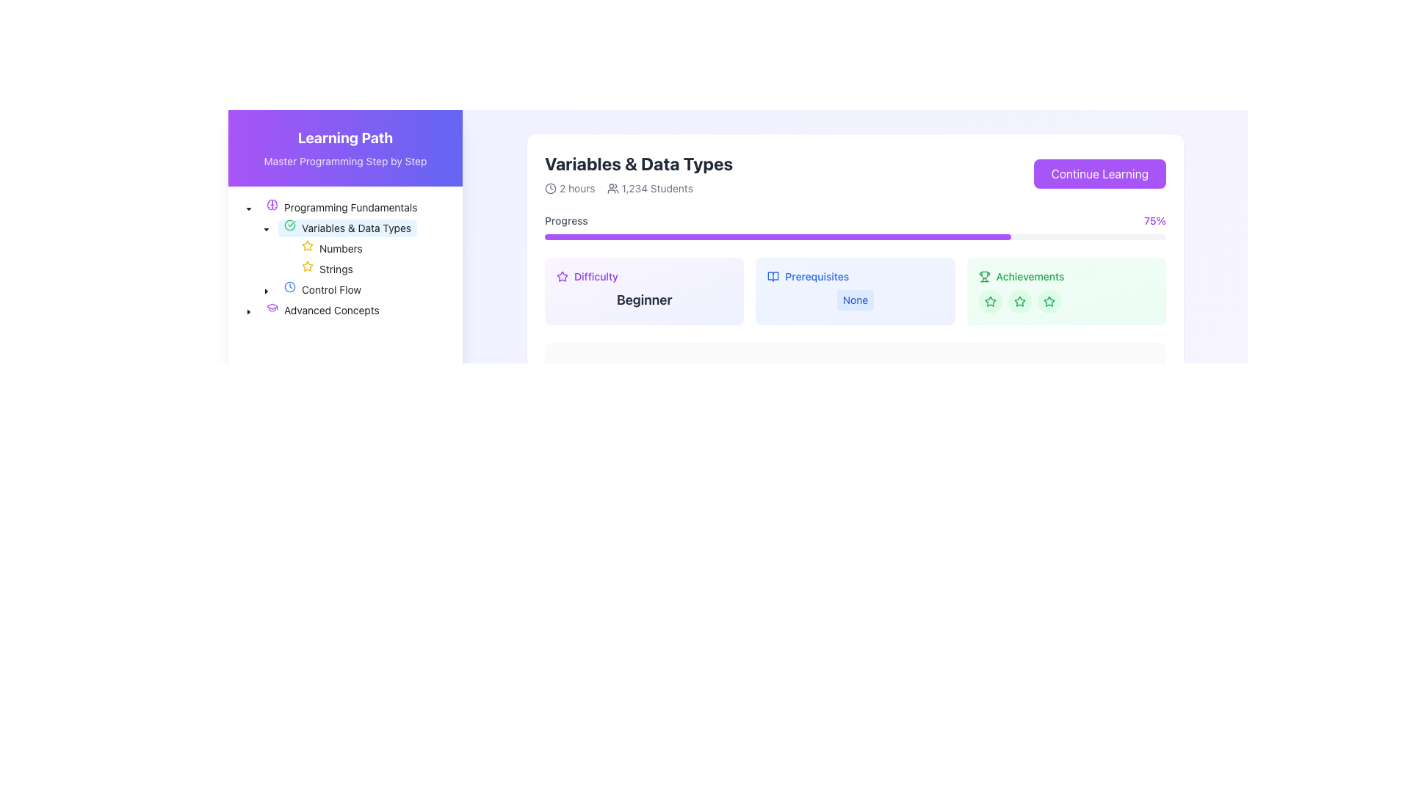  I want to click on the 'Control Flow' text label in the sidebar navigation menu, so click(330, 289).